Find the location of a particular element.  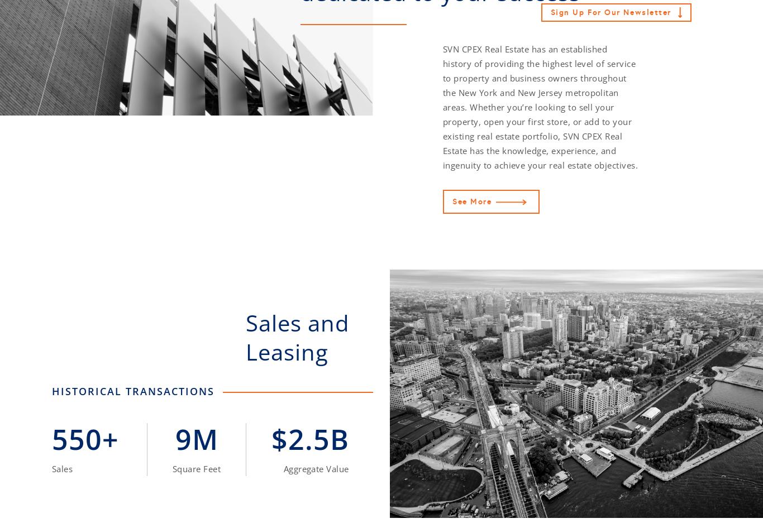

'Historical Transactions' is located at coordinates (52, 391).